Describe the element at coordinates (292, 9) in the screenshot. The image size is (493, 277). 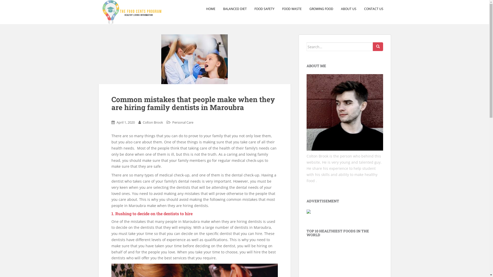
I see `'FOOD WASTE'` at that location.